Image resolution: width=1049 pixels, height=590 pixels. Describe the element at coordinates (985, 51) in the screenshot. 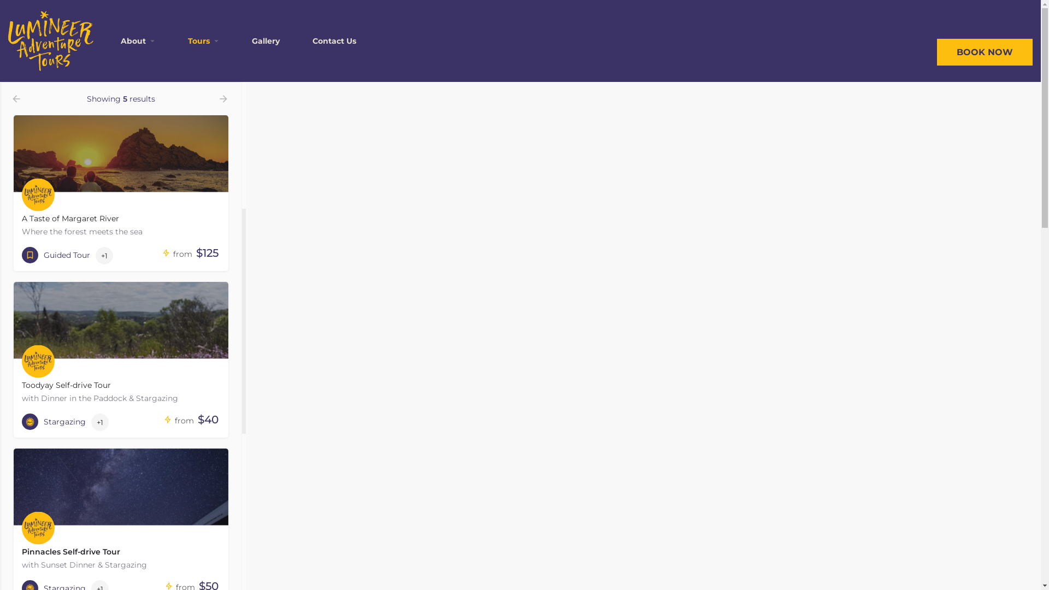

I see `'BOOK NOW'` at that location.